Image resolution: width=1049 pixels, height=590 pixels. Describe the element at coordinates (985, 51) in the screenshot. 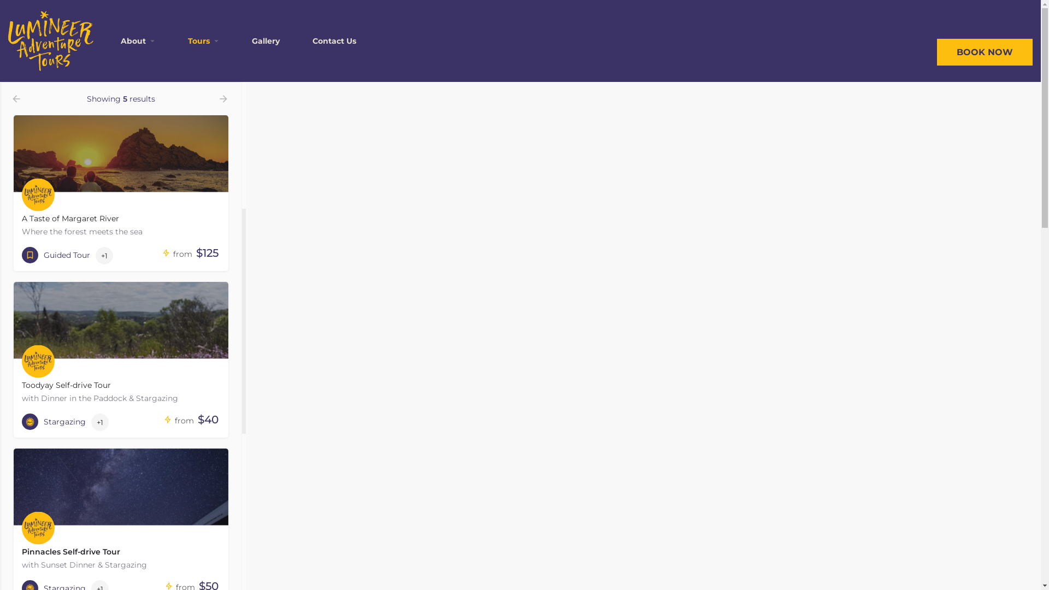

I see `'BOOK NOW'` at that location.